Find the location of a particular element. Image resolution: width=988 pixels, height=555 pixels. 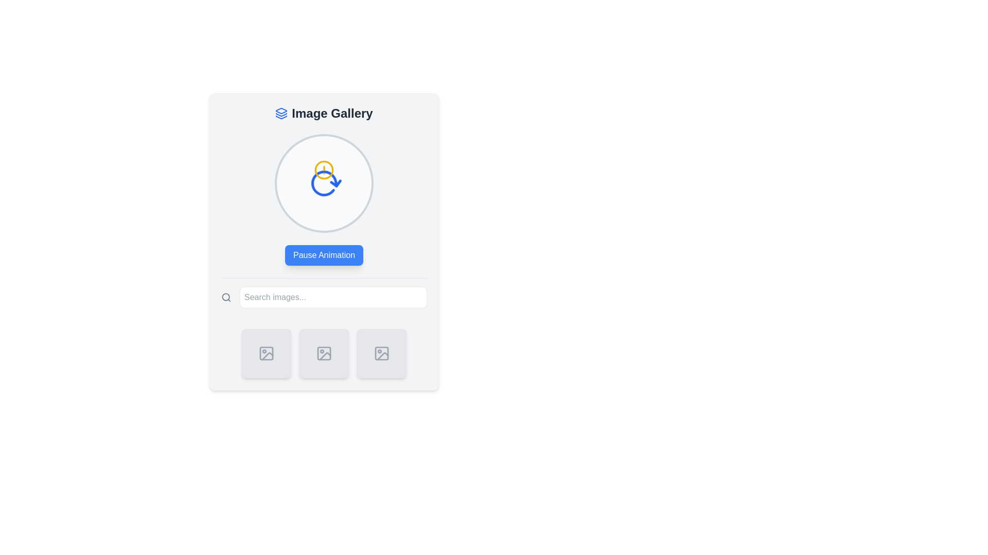

the alert or notification icon located within the gray circular area, which is part of the larger structure featuring a blue rotating arrow is located at coordinates (323, 170).